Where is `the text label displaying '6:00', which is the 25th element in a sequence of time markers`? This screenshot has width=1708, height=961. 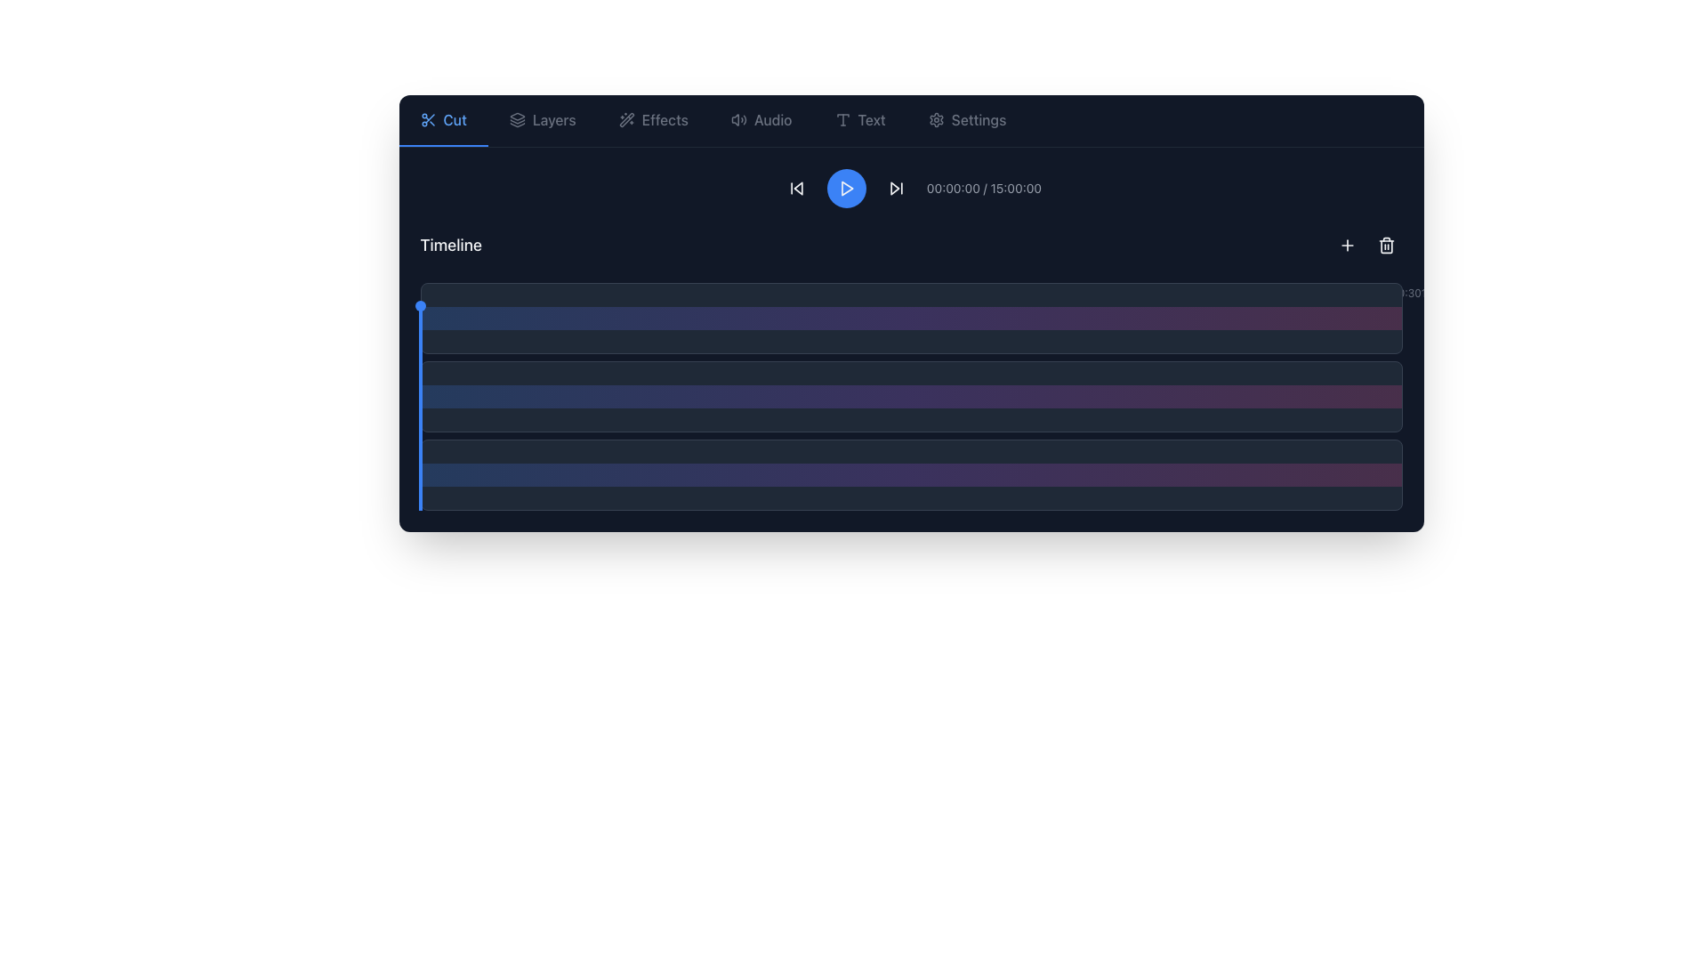 the text label displaying '6:00', which is the 25th element in a sequence of time markers is located at coordinates (985, 293).